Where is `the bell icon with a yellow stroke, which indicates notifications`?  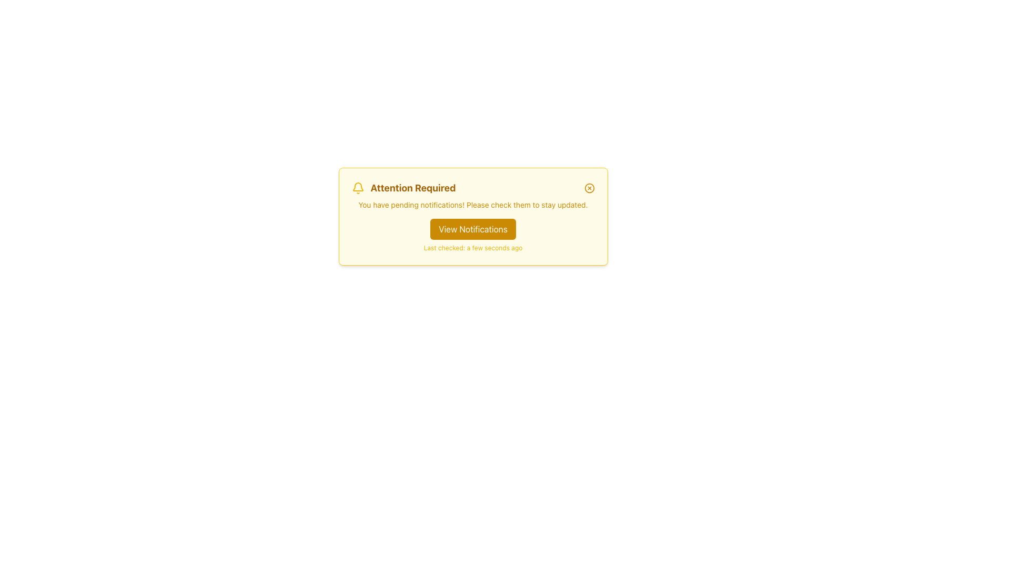 the bell icon with a yellow stroke, which indicates notifications is located at coordinates (358, 188).